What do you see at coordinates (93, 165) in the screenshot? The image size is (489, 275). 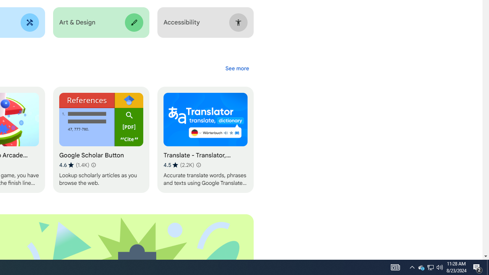 I see `'Learn more about results and reviews "Google Scholar Button"'` at bounding box center [93, 165].